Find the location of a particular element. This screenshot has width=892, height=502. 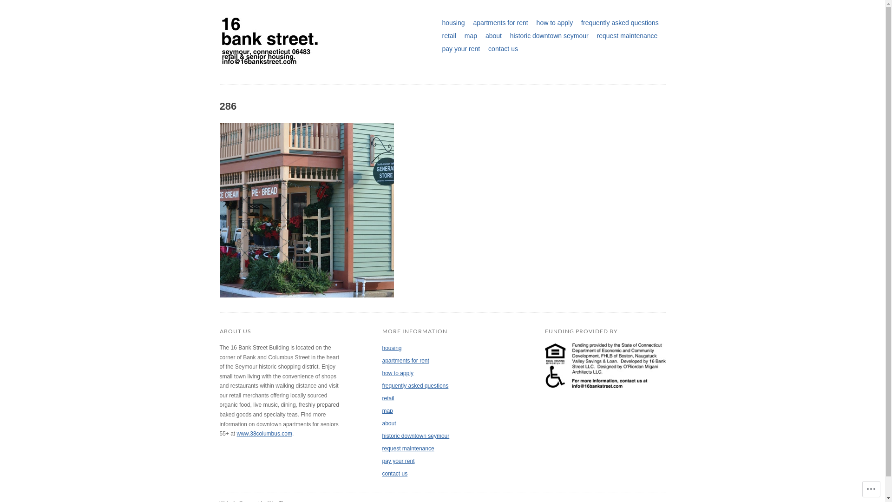

'pay your rent' is located at coordinates (381, 461).